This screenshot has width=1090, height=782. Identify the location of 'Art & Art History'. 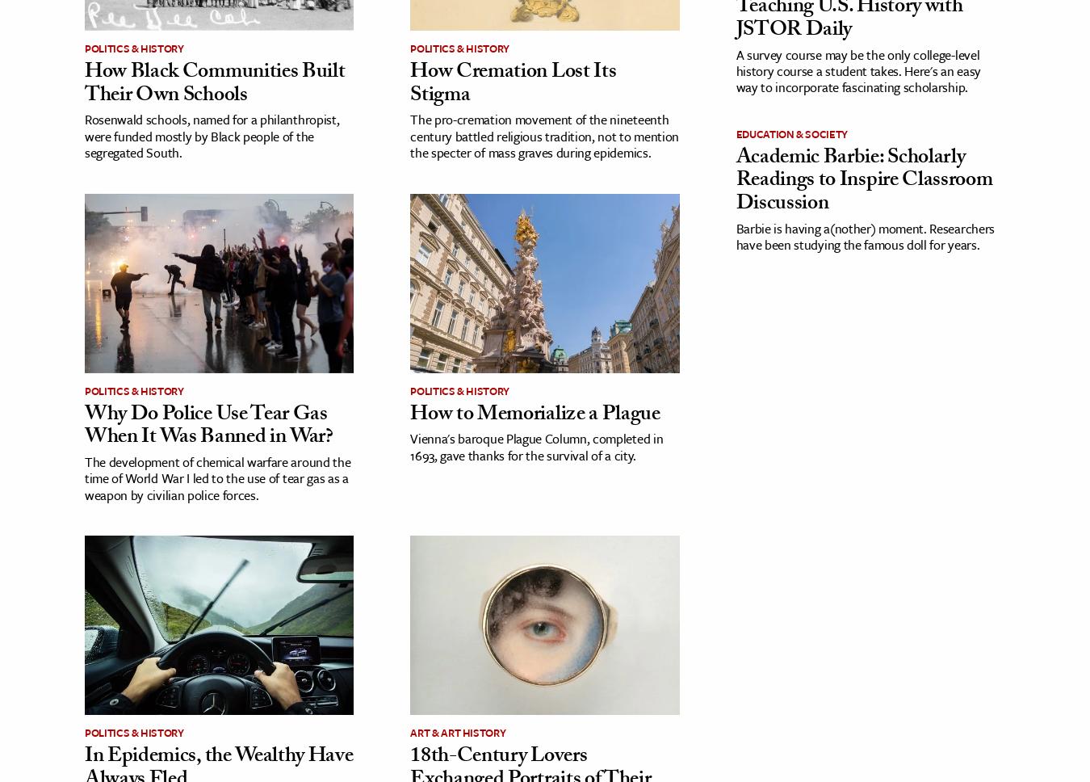
(458, 733).